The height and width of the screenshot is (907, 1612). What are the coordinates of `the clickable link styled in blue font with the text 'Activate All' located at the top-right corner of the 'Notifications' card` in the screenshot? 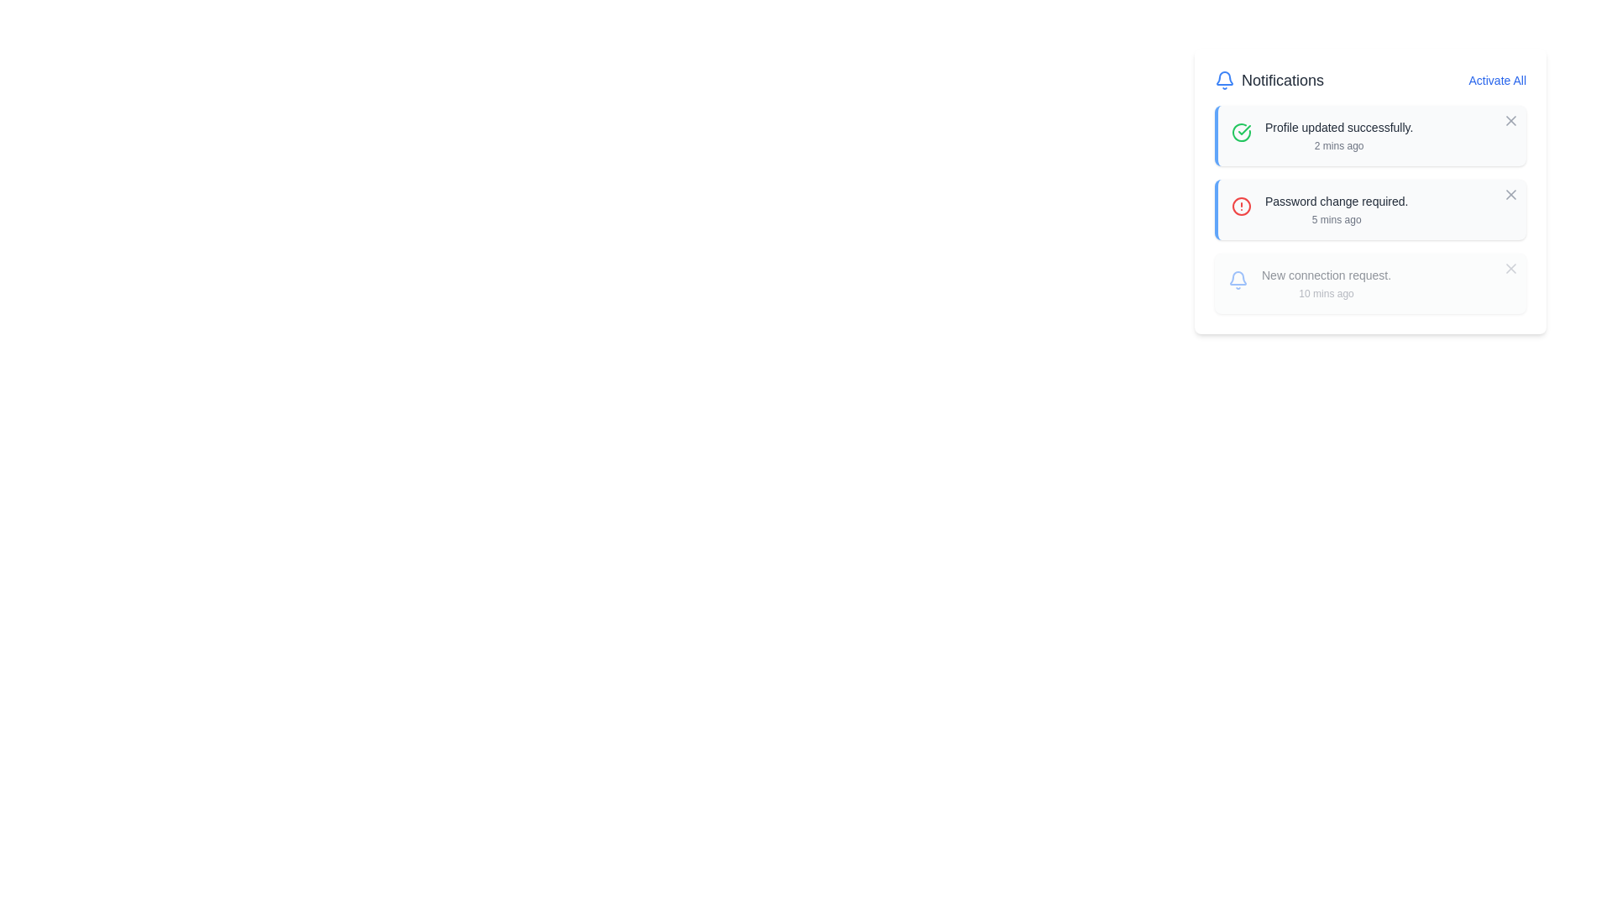 It's located at (1497, 81).